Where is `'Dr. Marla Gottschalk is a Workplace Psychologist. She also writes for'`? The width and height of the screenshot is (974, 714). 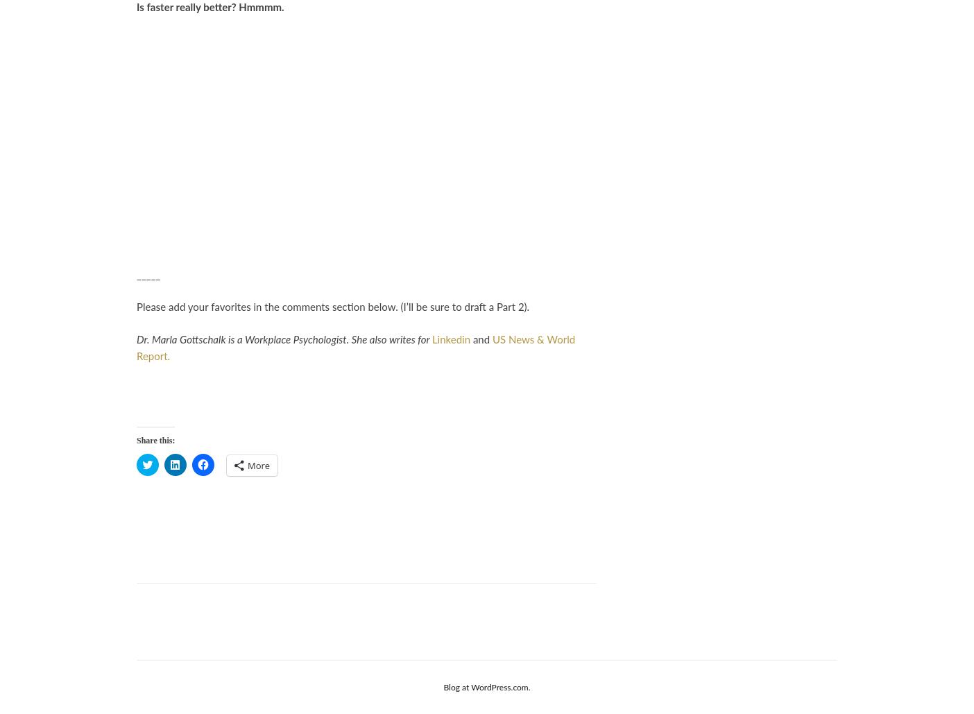
'Dr. Marla Gottschalk is a Workplace Psychologist. She also writes for' is located at coordinates (283, 339).